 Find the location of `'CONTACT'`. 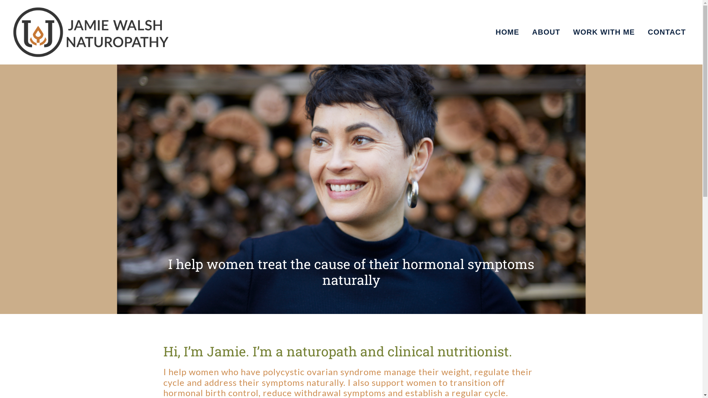

'CONTACT' is located at coordinates (667, 32).